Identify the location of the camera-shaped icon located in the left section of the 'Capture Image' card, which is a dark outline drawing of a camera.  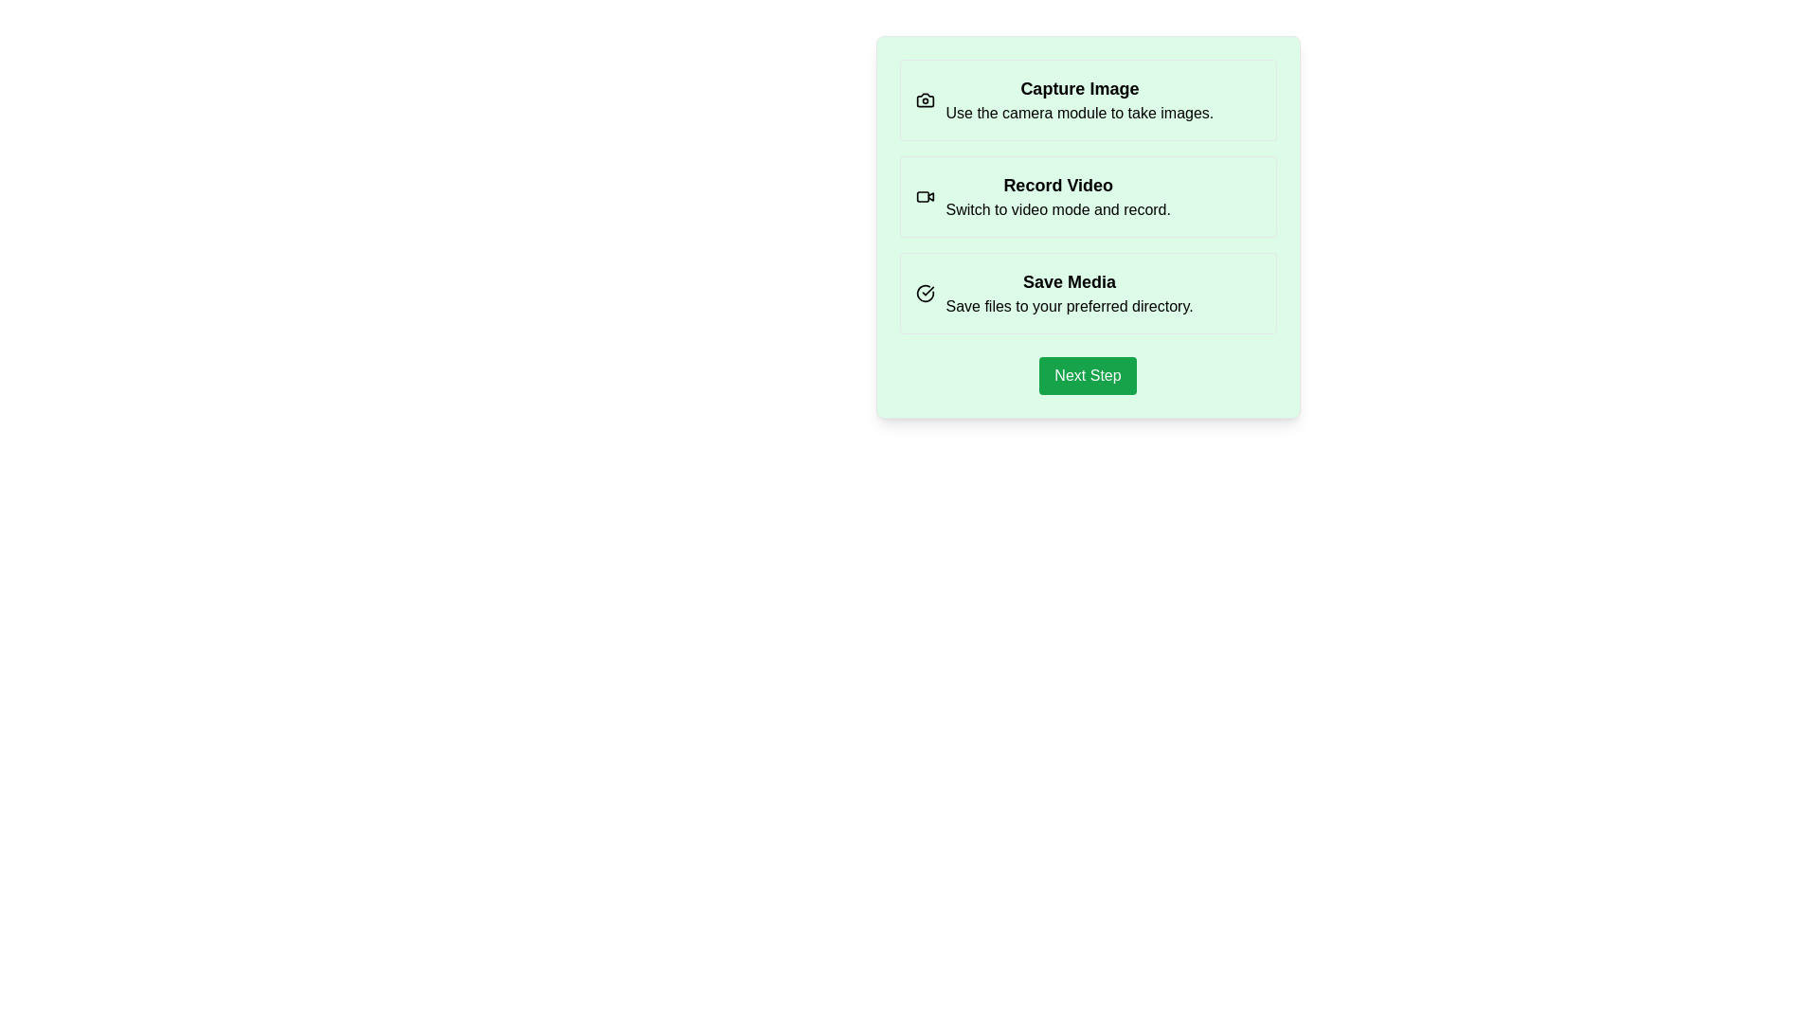
(925, 99).